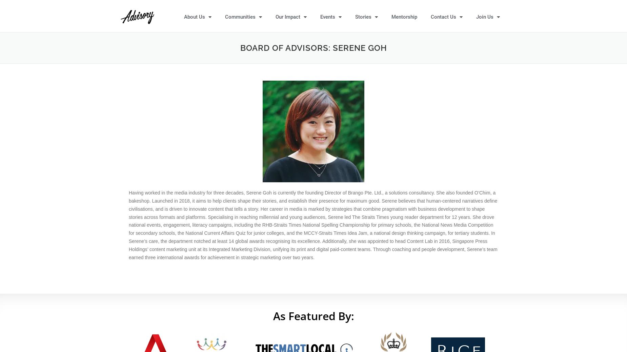  What do you see at coordinates (354, 16) in the screenshot?
I see `'Stories'` at bounding box center [354, 16].